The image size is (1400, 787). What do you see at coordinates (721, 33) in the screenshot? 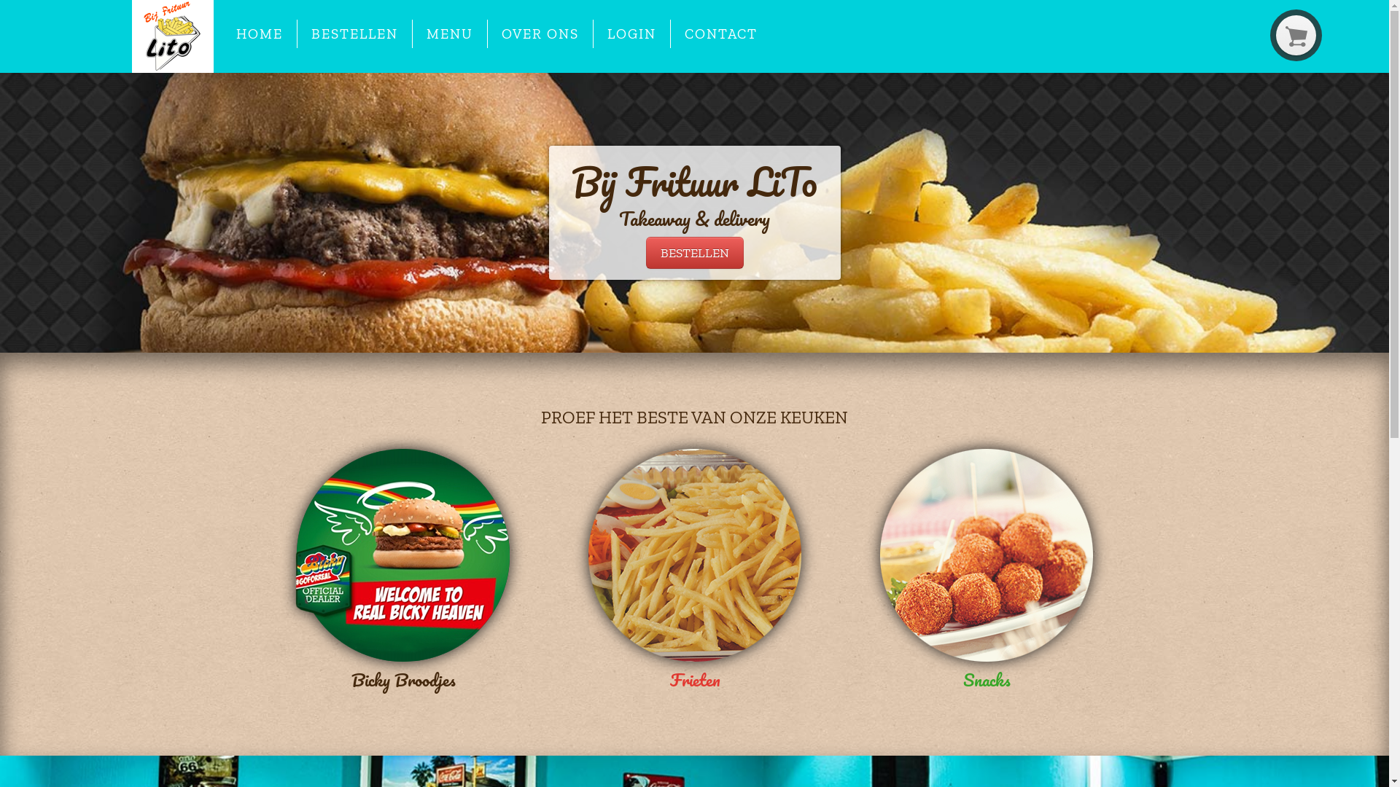
I see `'CONTACT'` at bounding box center [721, 33].